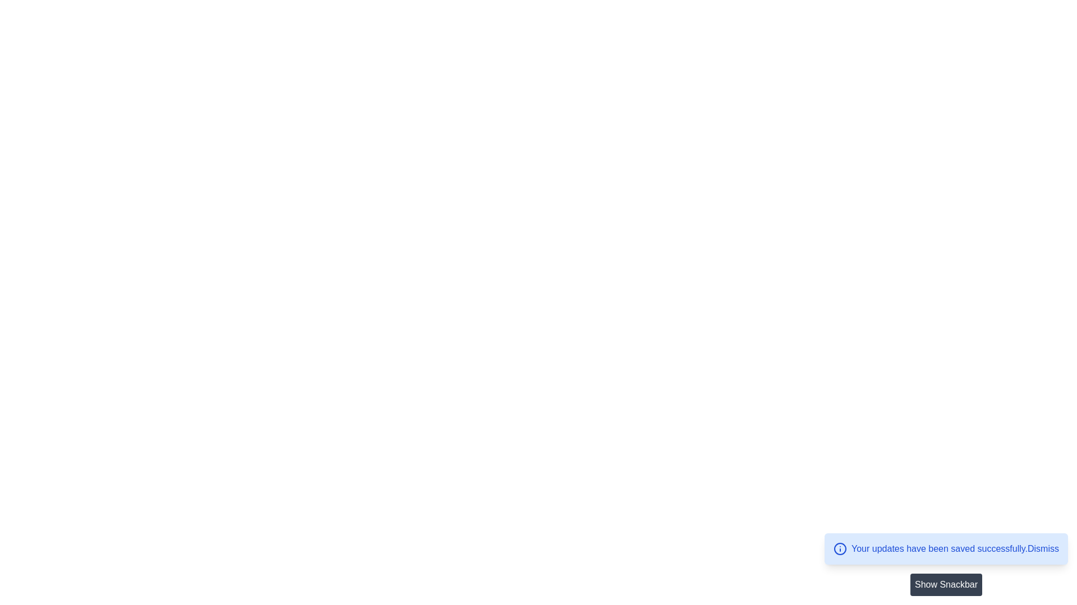  Describe the element at coordinates (1043, 548) in the screenshot. I see `the clickable text link located to the right of the 'Your updates have been saved successfully.' message in the notification banner` at that location.